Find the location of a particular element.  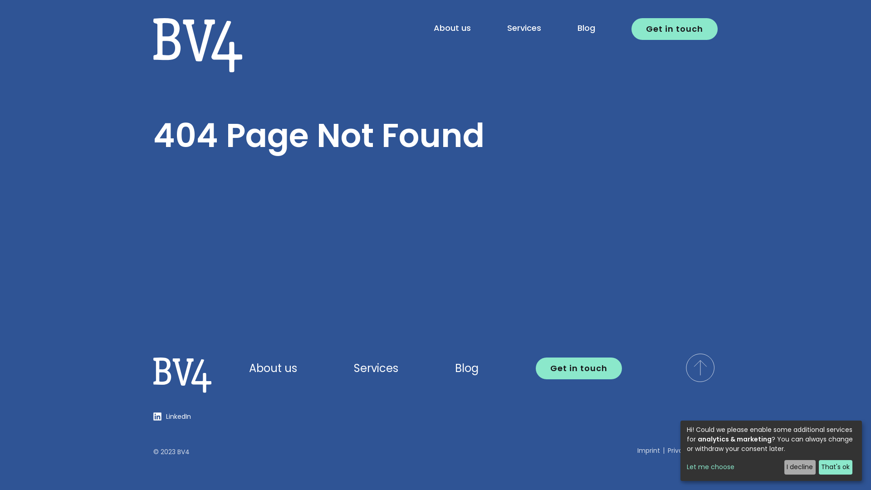

'Let me choose' is located at coordinates (734, 467).